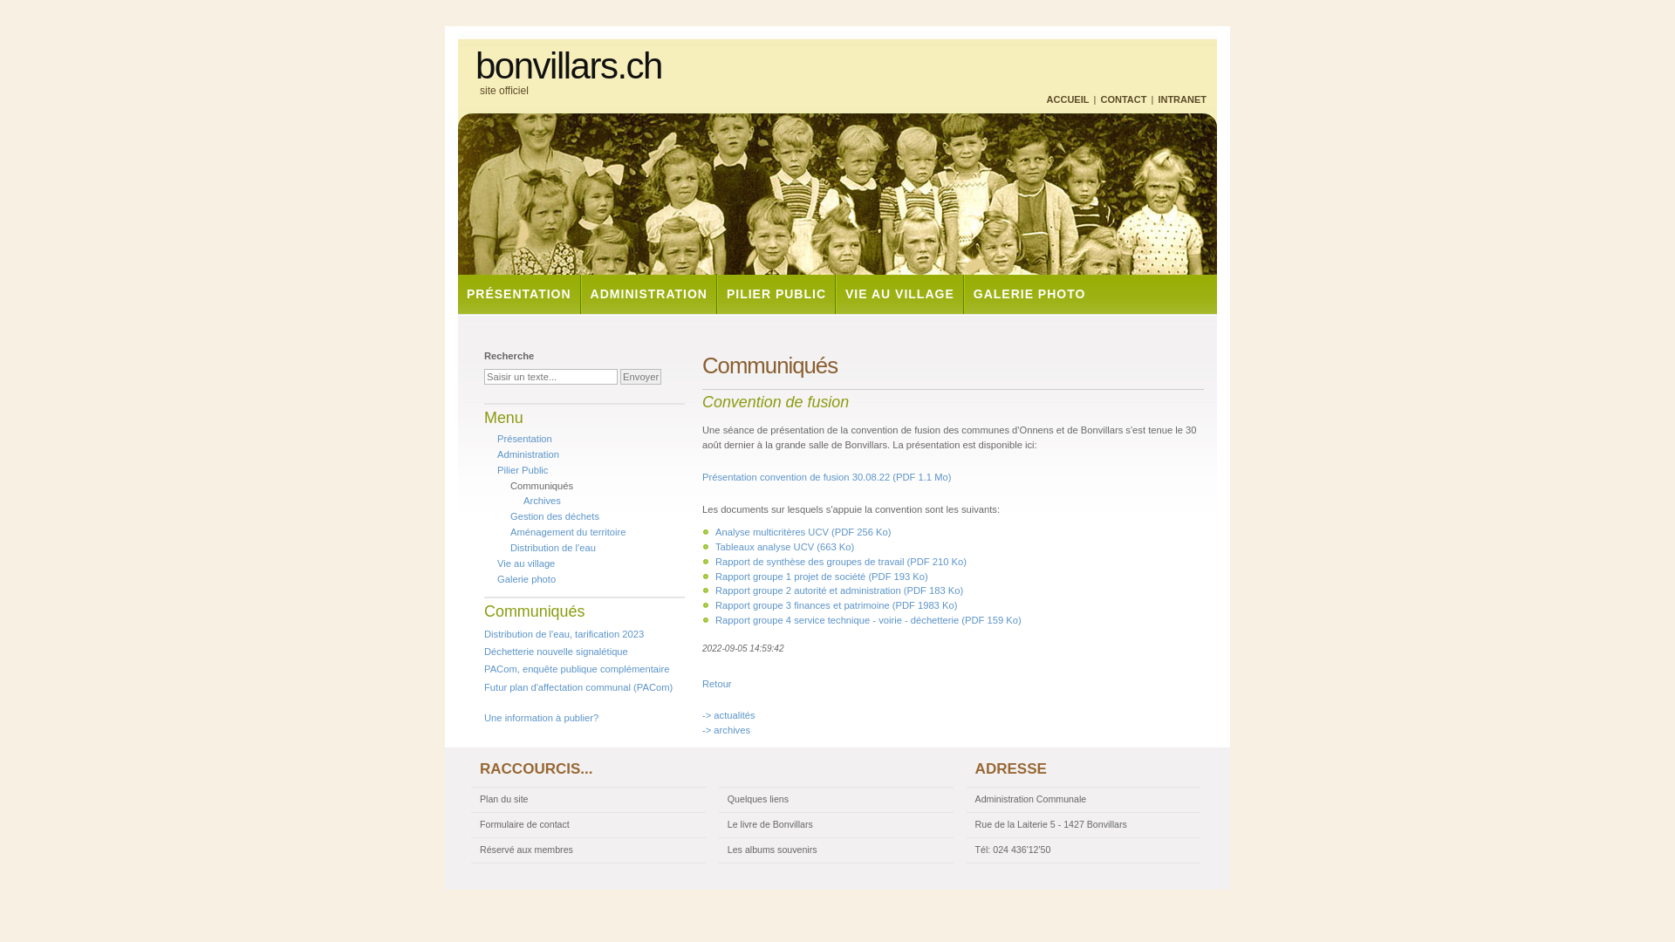 The width and height of the screenshot is (1675, 942). Describe the element at coordinates (619, 376) in the screenshot. I see `'Envoyer'` at that location.